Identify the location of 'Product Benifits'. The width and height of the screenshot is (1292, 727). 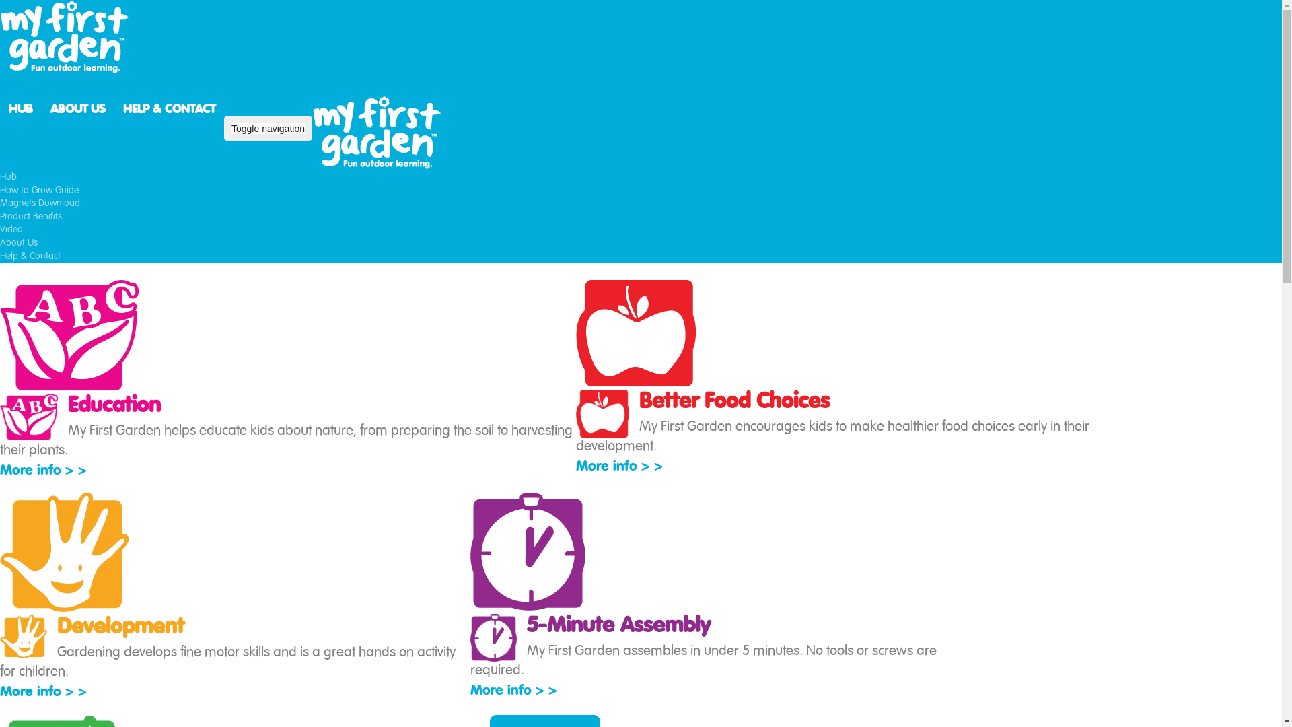
(31, 215).